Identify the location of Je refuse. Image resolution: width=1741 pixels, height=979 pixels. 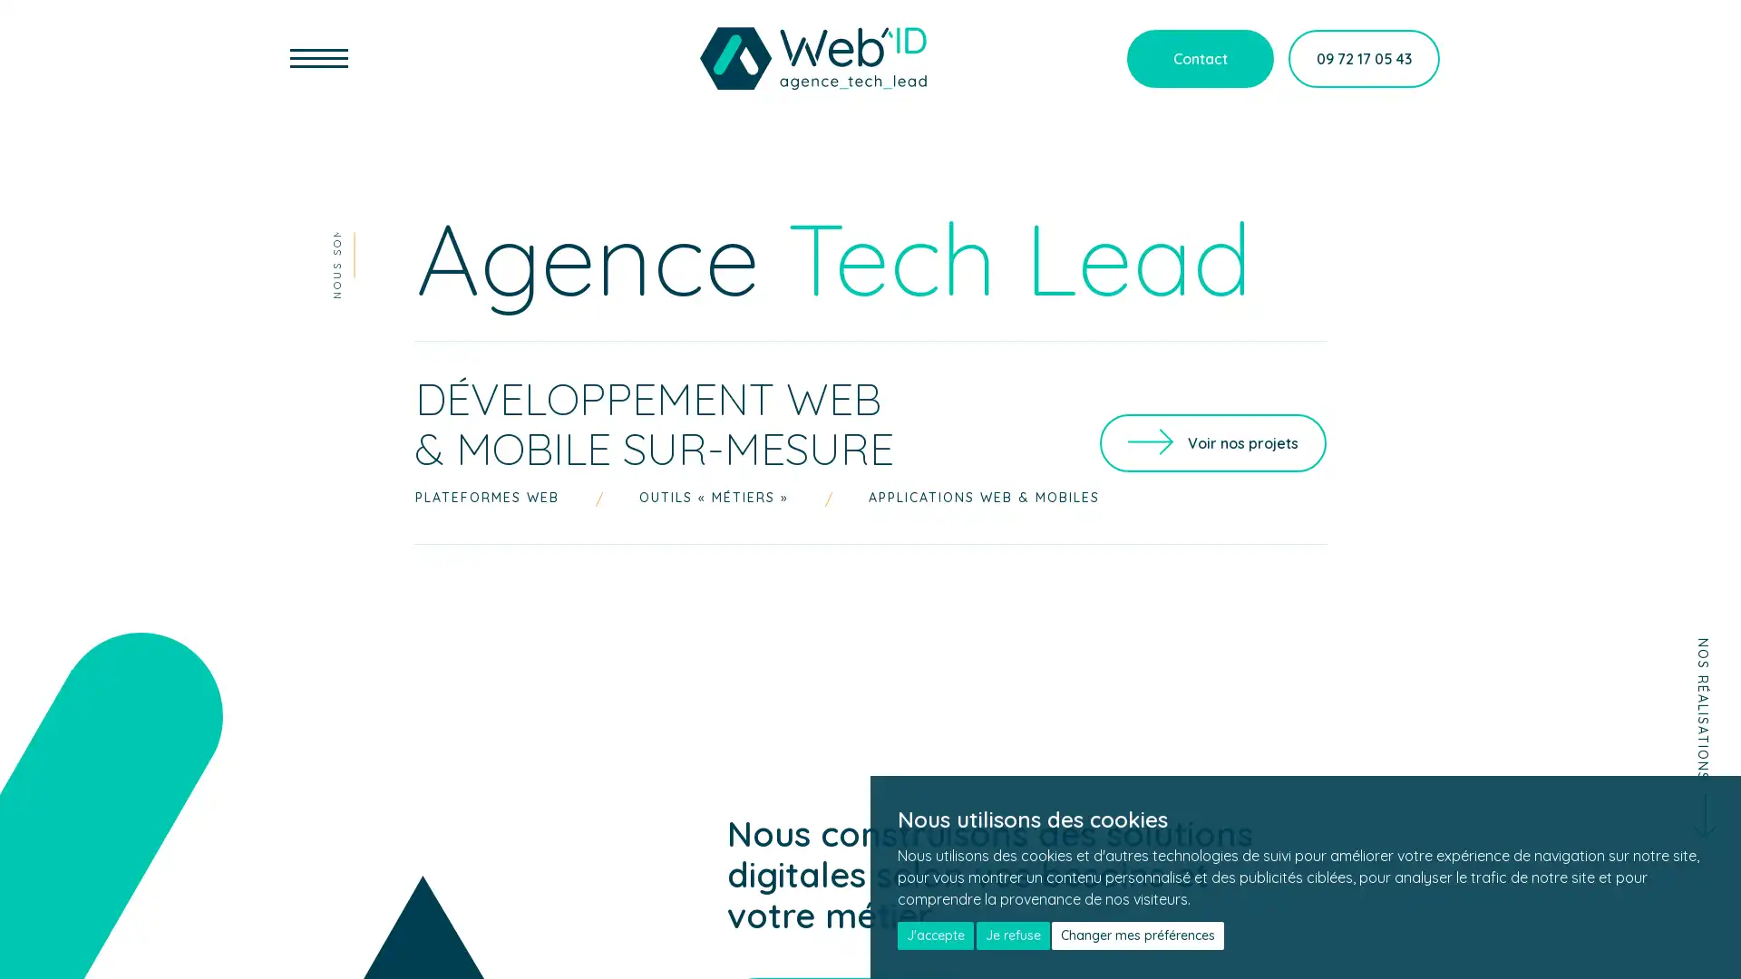
(1011, 935).